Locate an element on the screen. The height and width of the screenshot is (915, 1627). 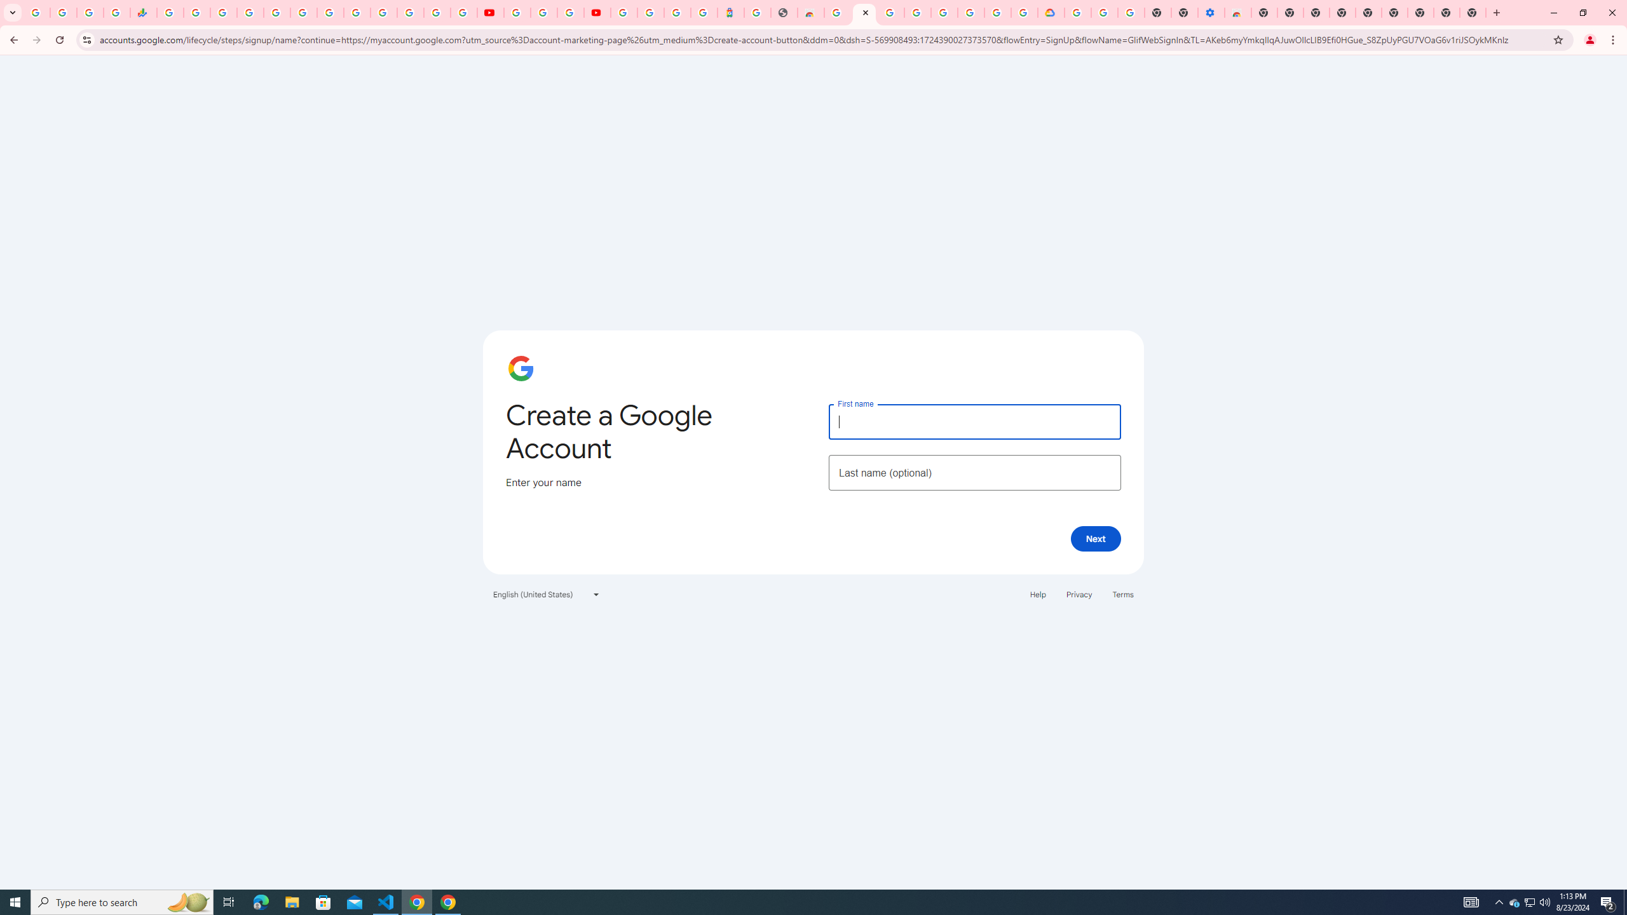
'Settings - Accessibility' is located at coordinates (1210, 12).